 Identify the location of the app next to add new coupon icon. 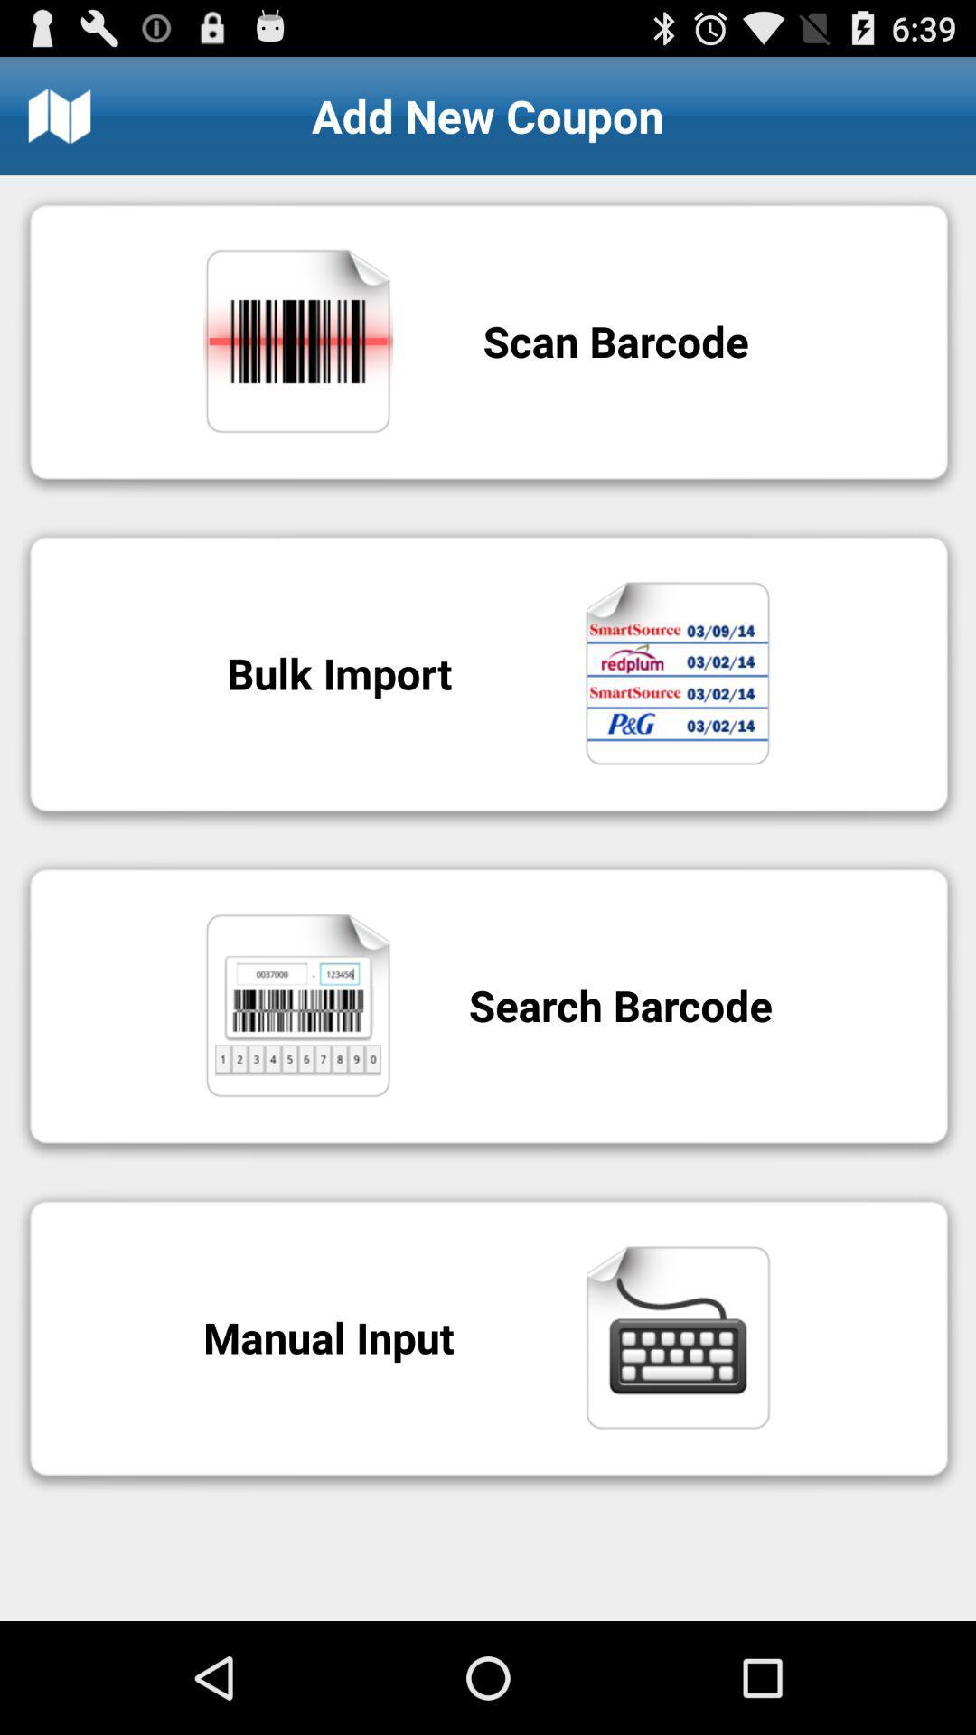
(58, 115).